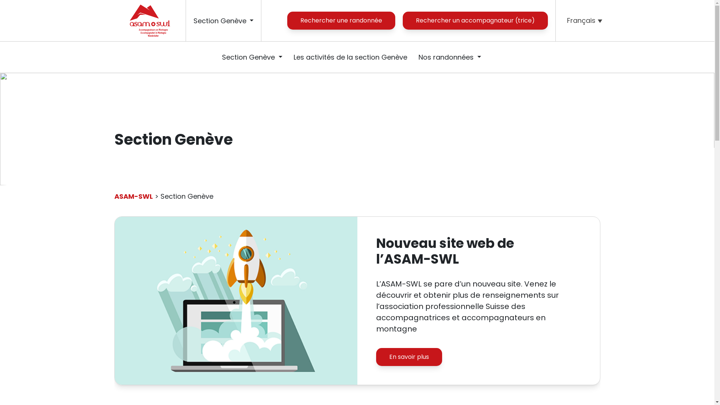  Describe the element at coordinates (149, 20) in the screenshot. I see `'ASAM-SWL'` at that location.